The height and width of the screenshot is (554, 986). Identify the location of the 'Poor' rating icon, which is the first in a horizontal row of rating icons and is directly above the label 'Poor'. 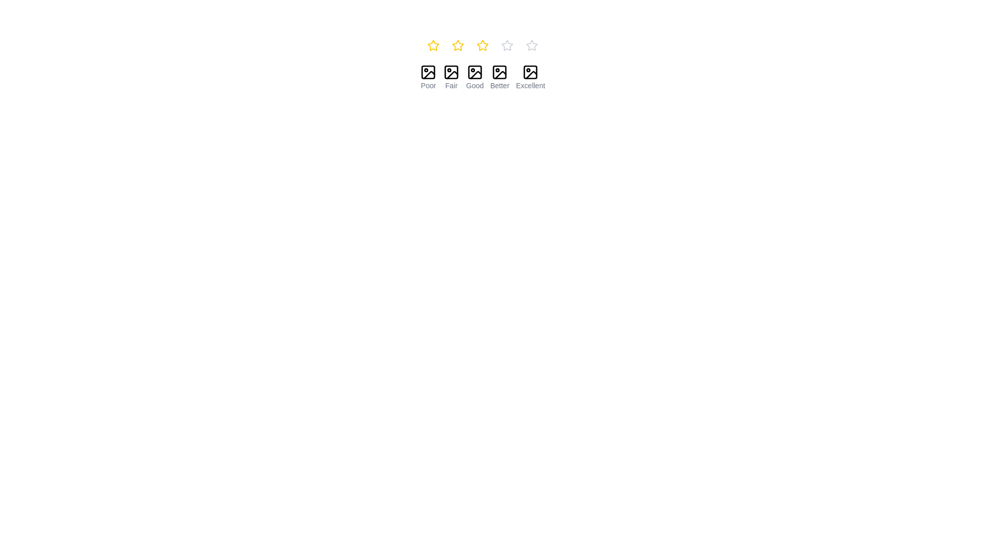
(428, 72).